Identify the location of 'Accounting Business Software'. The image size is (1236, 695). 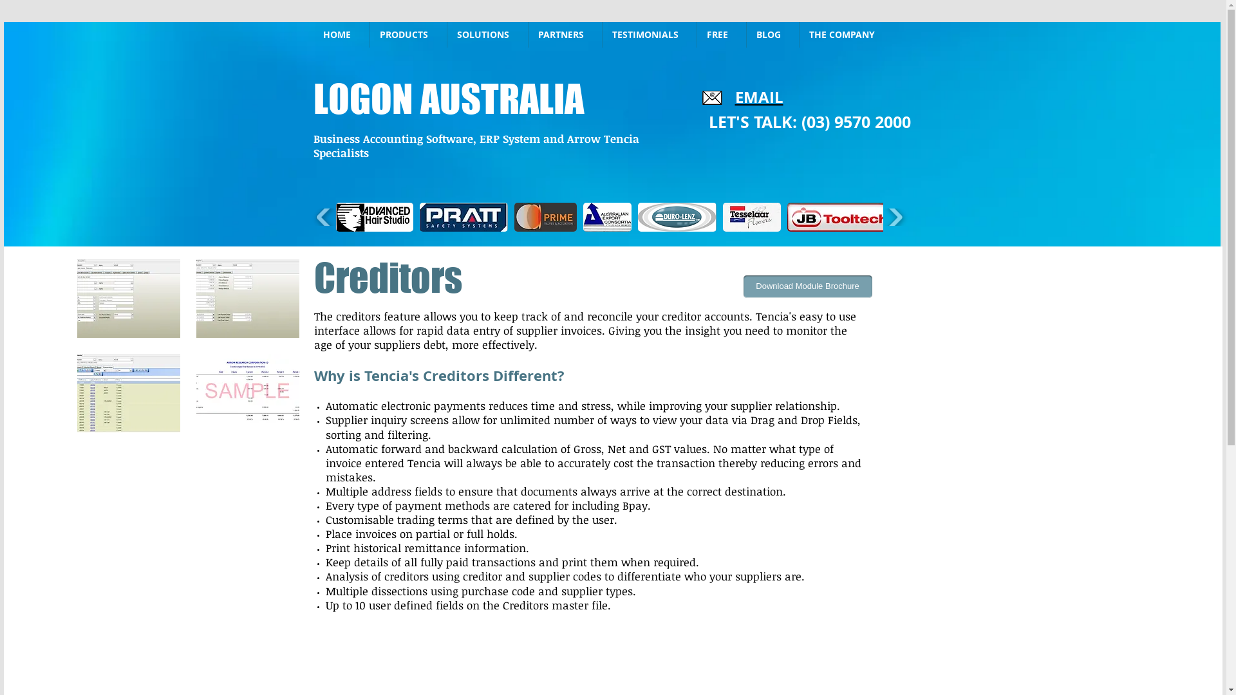
(611, 140).